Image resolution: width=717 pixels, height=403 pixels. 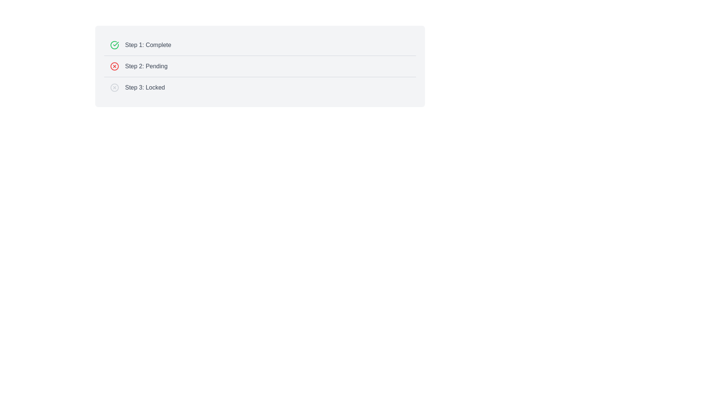 What do you see at coordinates (260, 55) in the screenshot?
I see `the second separator line that visually separates 'Step 1: Complete' and 'Step 2: Pending' in the user interface` at bounding box center [260, 55].